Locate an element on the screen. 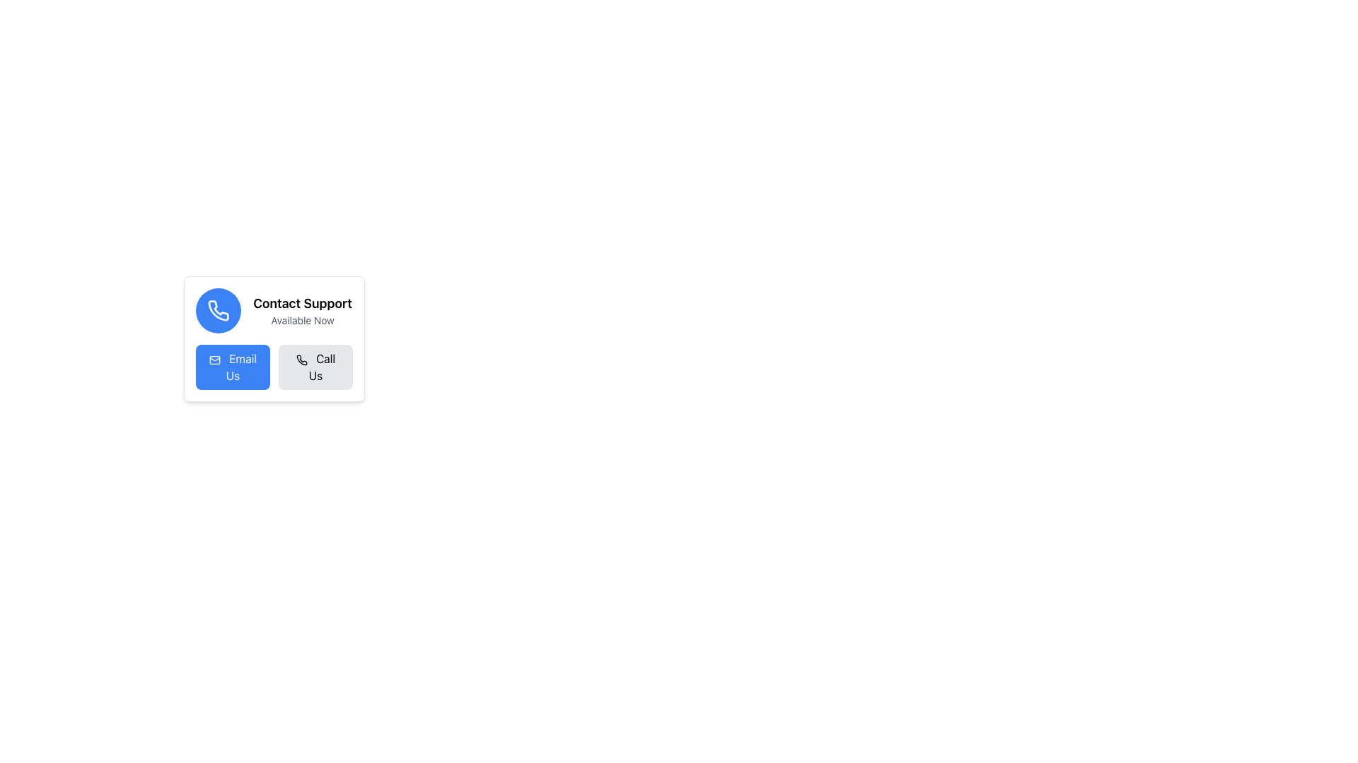 The height and width of the screenshot is (763, 1358). the phone call icon located to the left of the 'Call Us' text within the button in the contact options panel is located at coordinates (301, 359).